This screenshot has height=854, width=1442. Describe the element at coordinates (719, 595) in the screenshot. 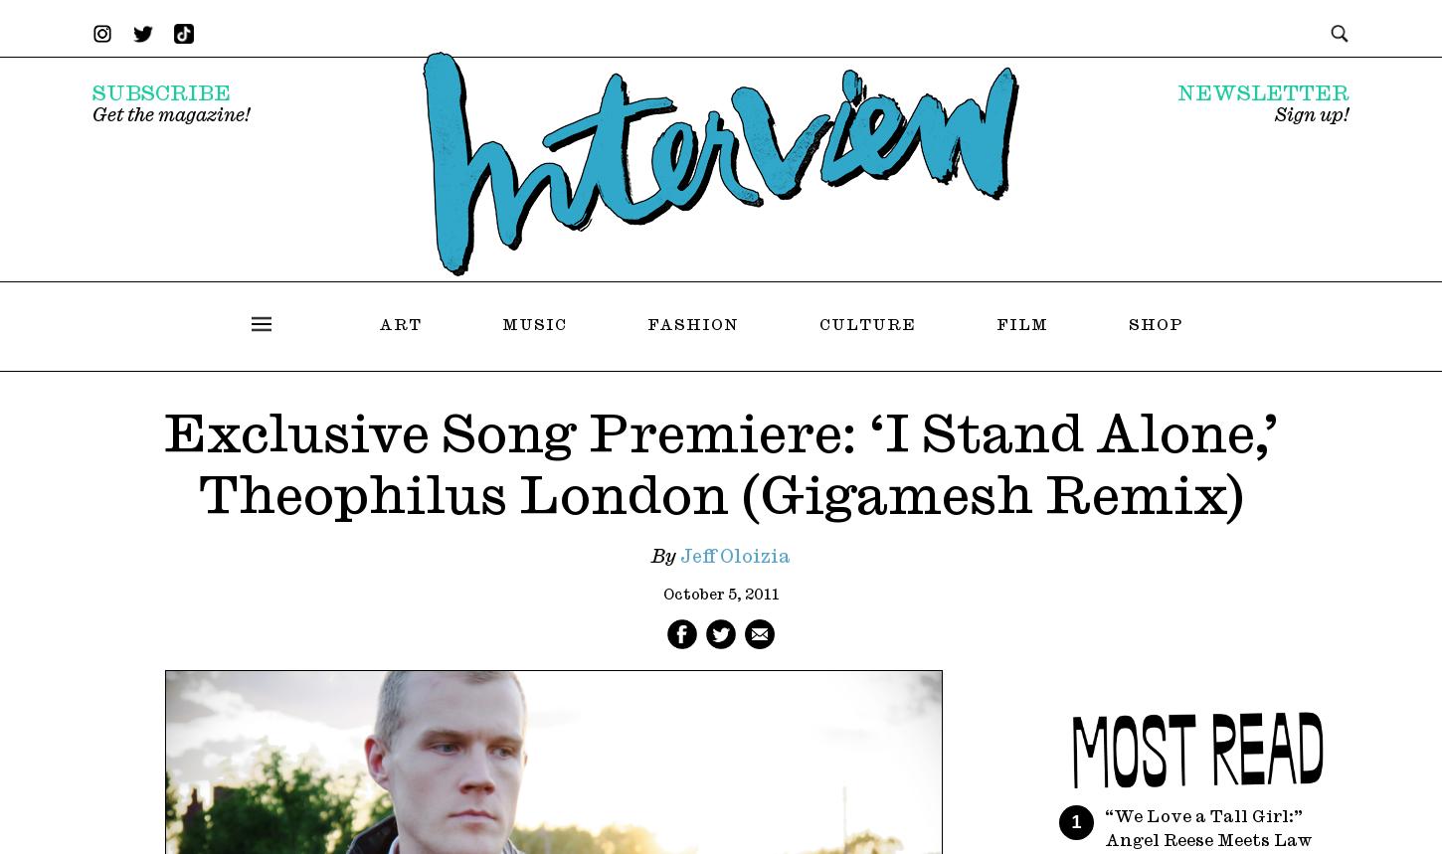

I see `'October 5, 2011'` at that location.